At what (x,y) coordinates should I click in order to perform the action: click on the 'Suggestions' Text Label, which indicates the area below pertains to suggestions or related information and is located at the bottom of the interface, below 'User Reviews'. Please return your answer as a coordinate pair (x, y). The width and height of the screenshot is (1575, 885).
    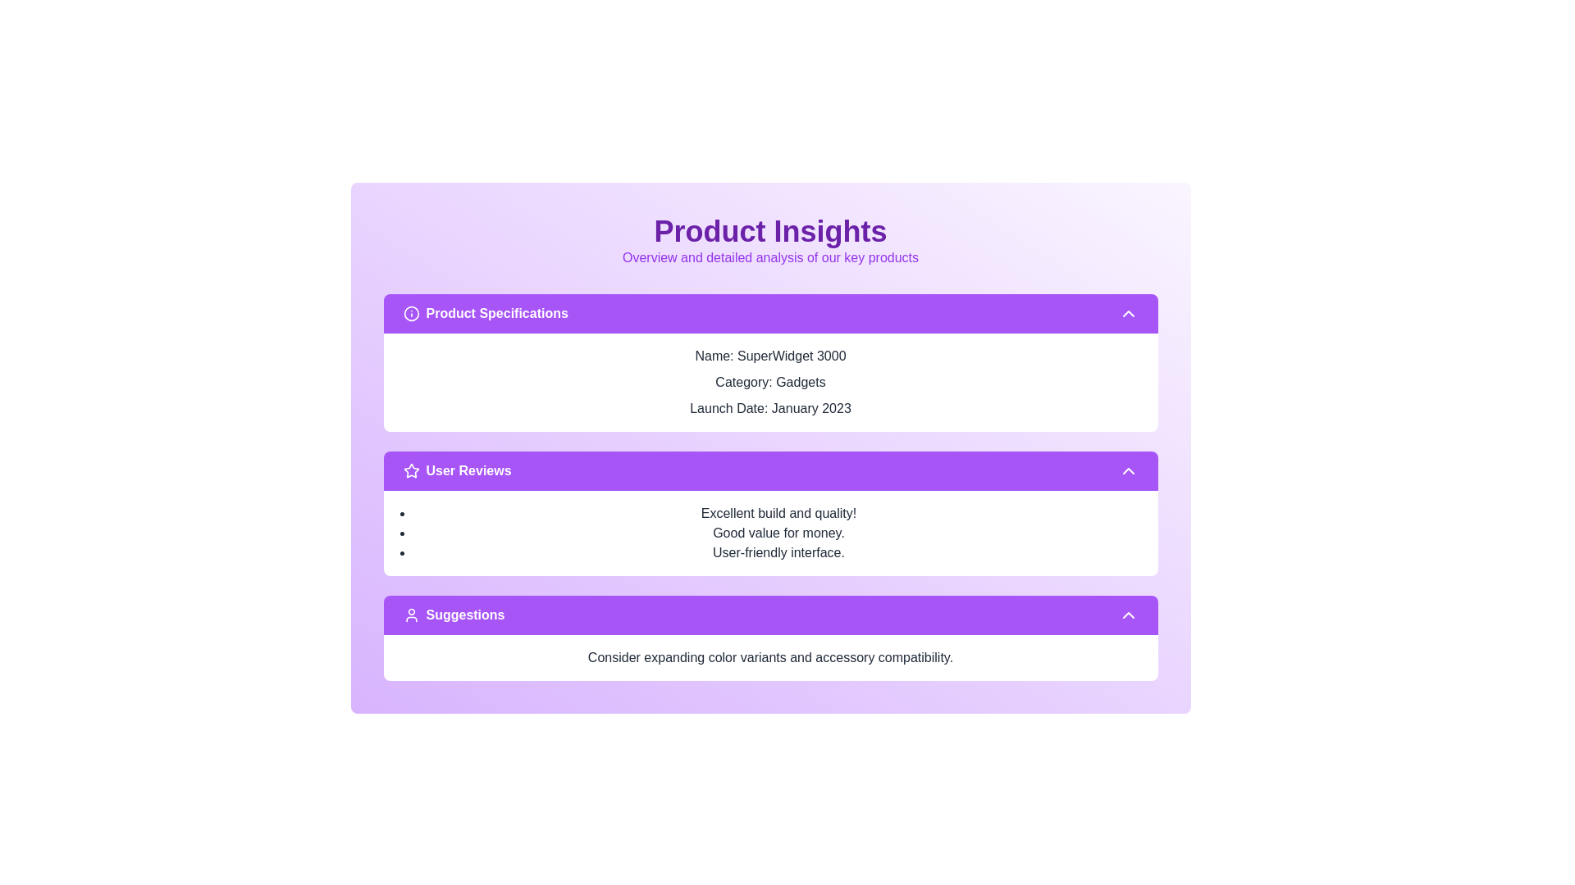
    Looking at the image, I should click on (464, 615).